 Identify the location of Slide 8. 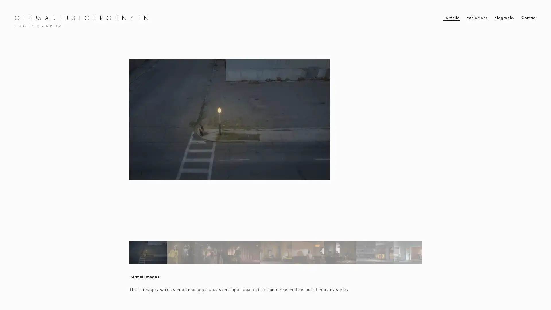
(375, 252).